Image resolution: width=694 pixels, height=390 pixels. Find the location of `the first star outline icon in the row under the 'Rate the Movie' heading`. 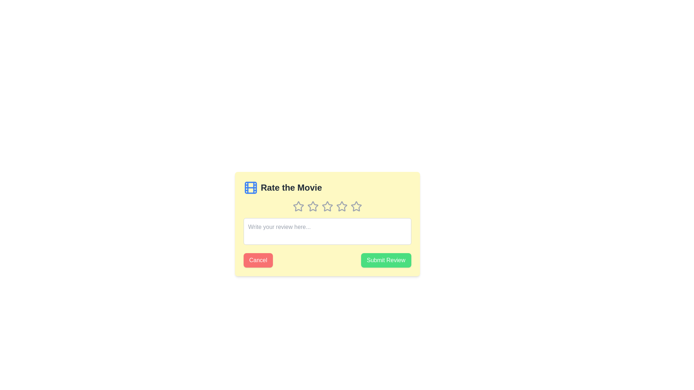

the first star outline icon in the row under the 'Rate the Movie' heading is located at coordinates (298, 206).